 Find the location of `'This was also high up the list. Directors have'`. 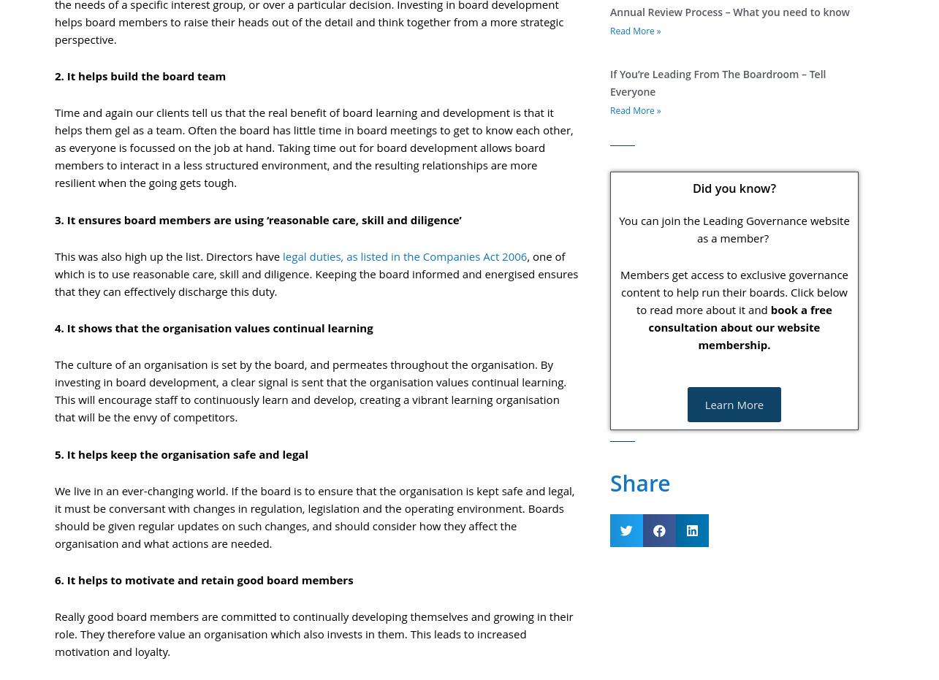

'This was also high up the list. Directors have' is located at coordinates (55, 255).